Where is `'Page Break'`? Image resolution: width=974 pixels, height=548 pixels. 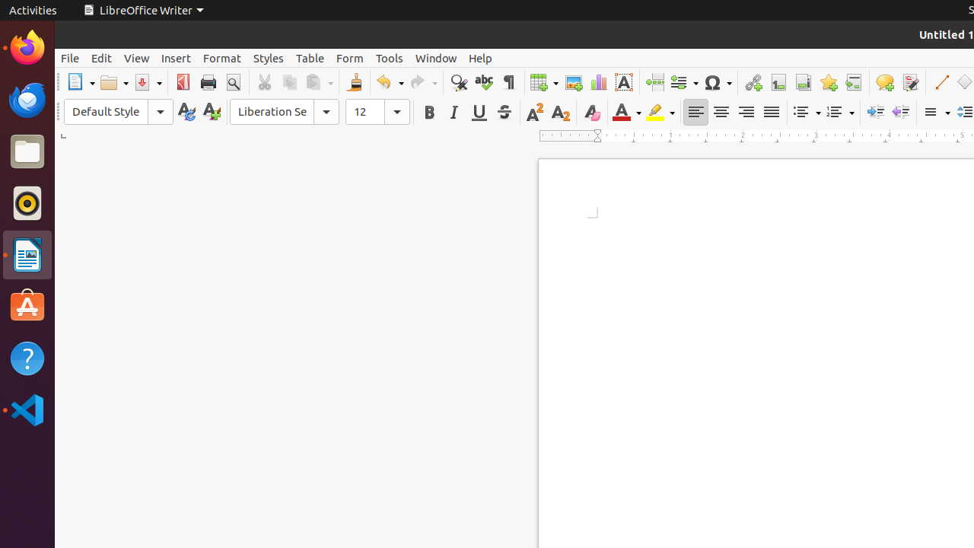 'Page Break' is located at coordinates (654, 82).